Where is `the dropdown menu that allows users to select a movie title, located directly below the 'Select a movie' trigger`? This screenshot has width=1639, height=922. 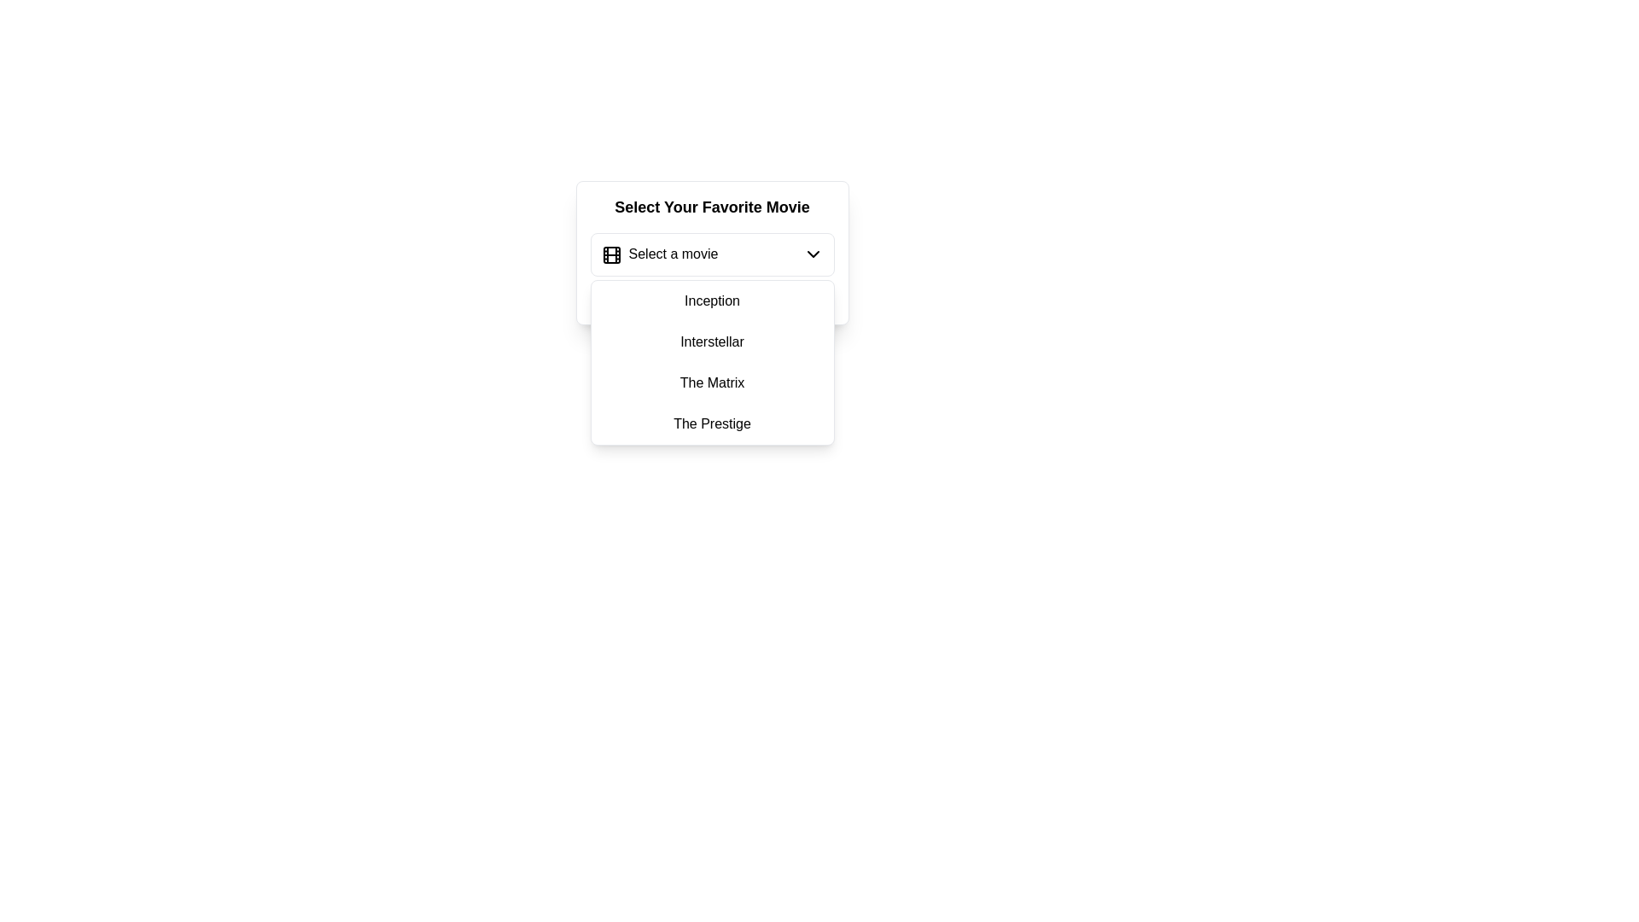 the dropdown menu that allows users to select a movie title, located directly below the 'Select a movie' trigger is located at coordinates (712, 361).